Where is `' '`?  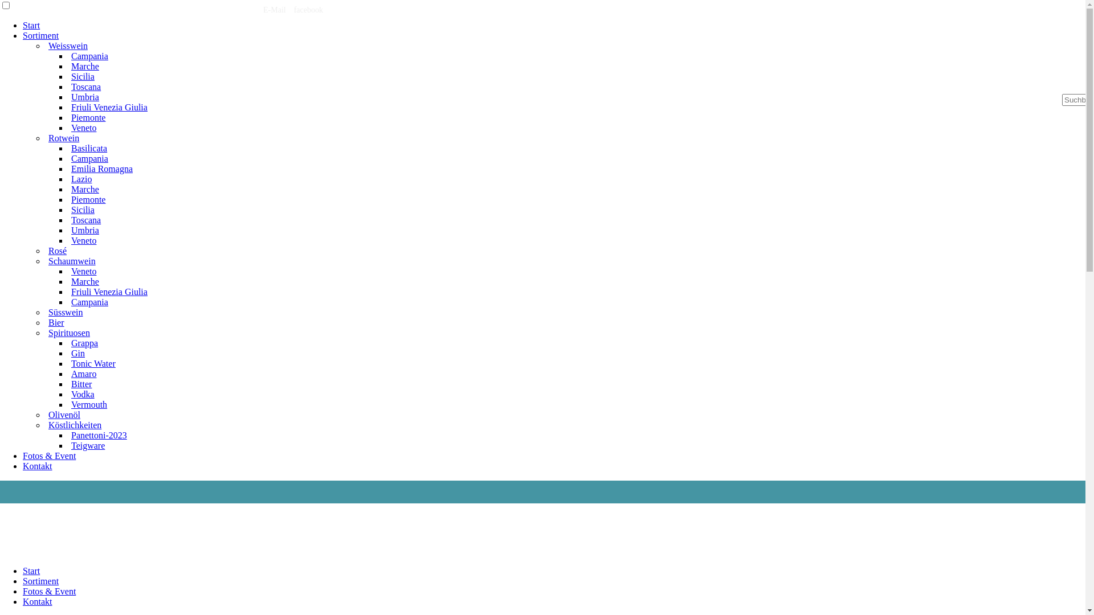 ' ' is located at coordinates (292, 10).